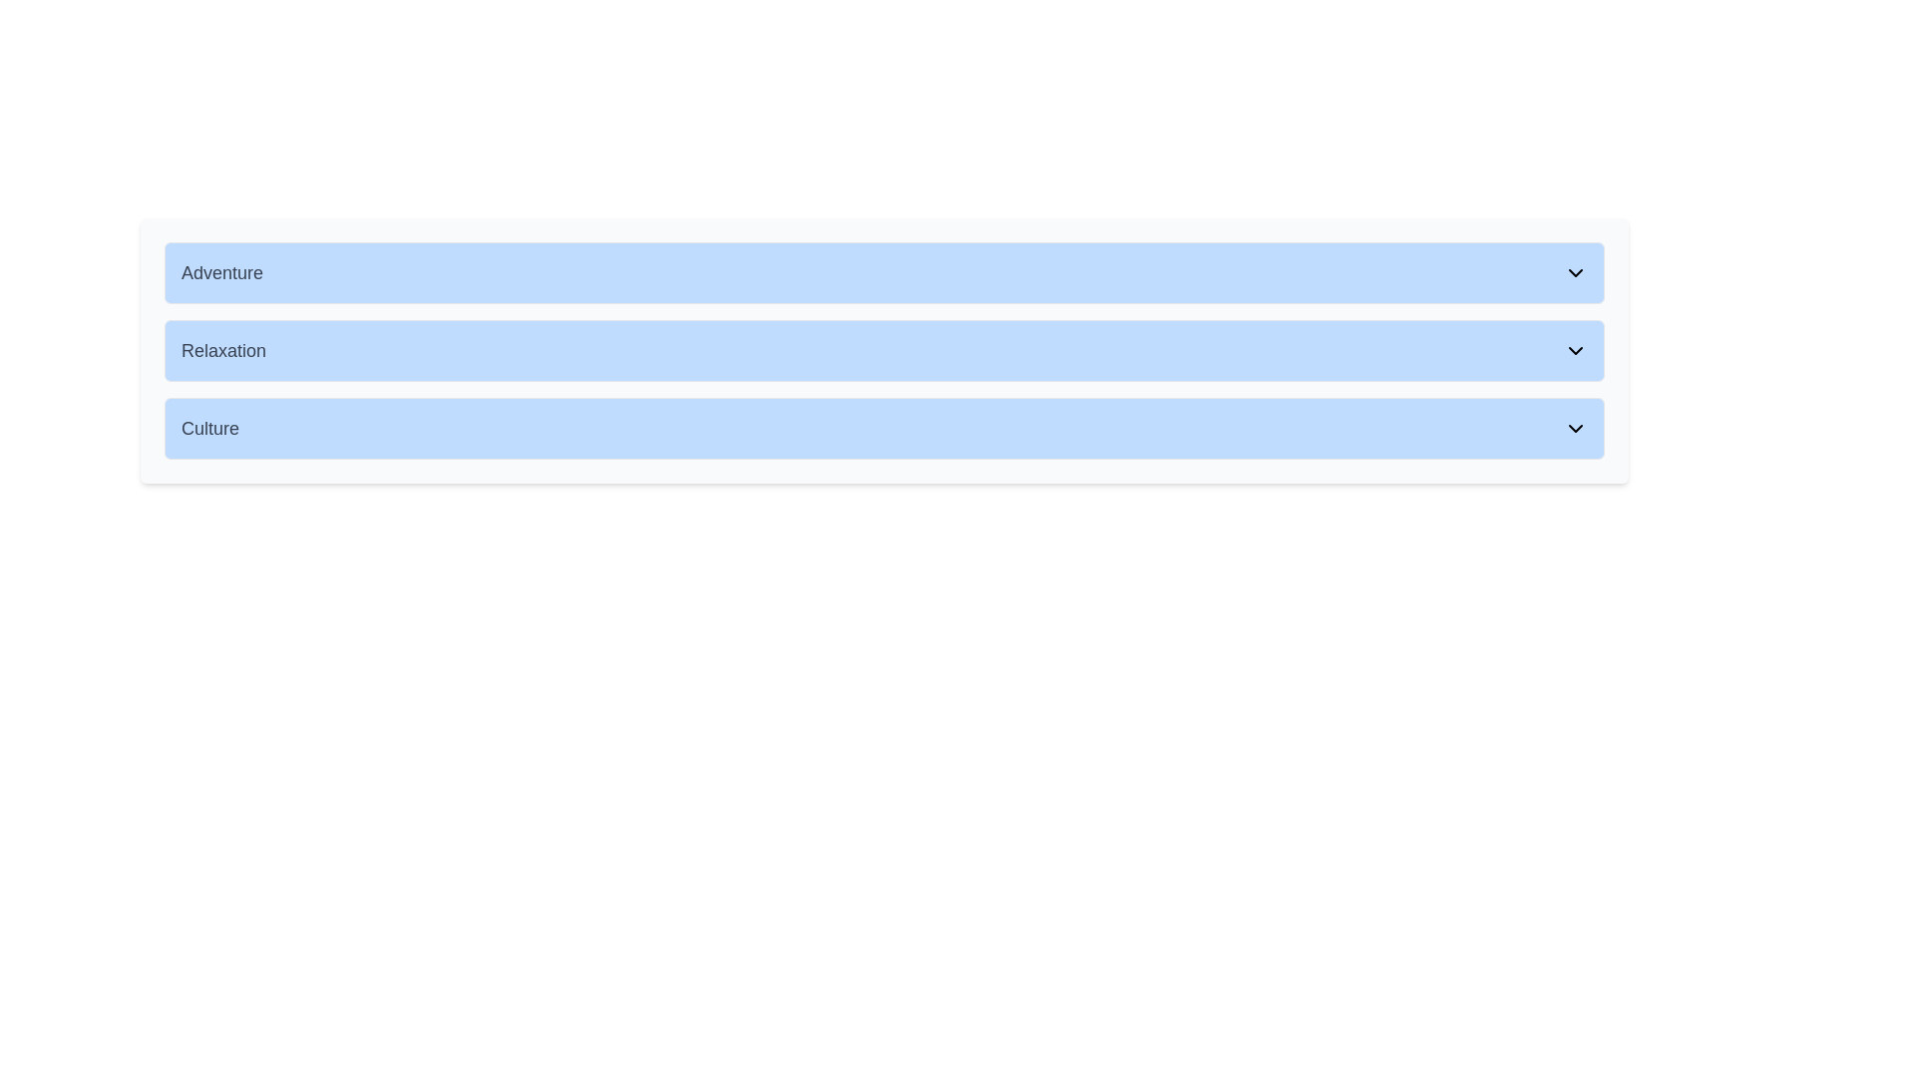 This screenshot has width=1915, height=1077. I want to click on the downward-pointing chevron icon located at the far right of the blue panel labeled 'Adventure' to trigger interactive feedback, so click(1574, 272).